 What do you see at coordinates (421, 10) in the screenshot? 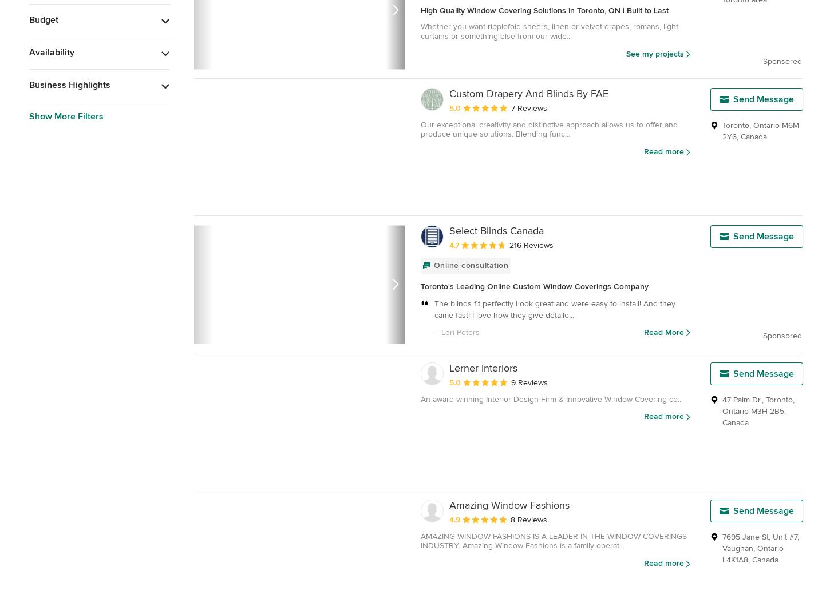
I see `'High Quality Window Covering Solutions in Toronto, ON | Built to Last'` at bounding box center [421, 10].